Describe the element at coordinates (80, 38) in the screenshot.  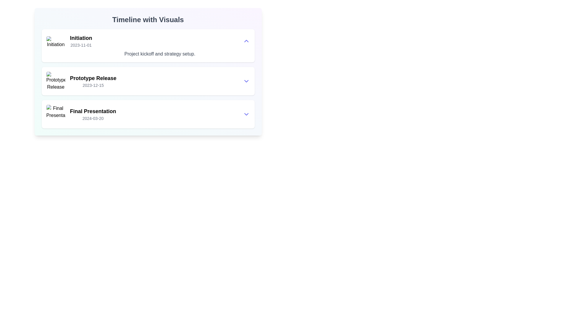
I see `the Text label element that reads 'Initiation', which is styled in a large, bold font and is located near the top left section of the interface, above the date '2023-11-01'` at that location.